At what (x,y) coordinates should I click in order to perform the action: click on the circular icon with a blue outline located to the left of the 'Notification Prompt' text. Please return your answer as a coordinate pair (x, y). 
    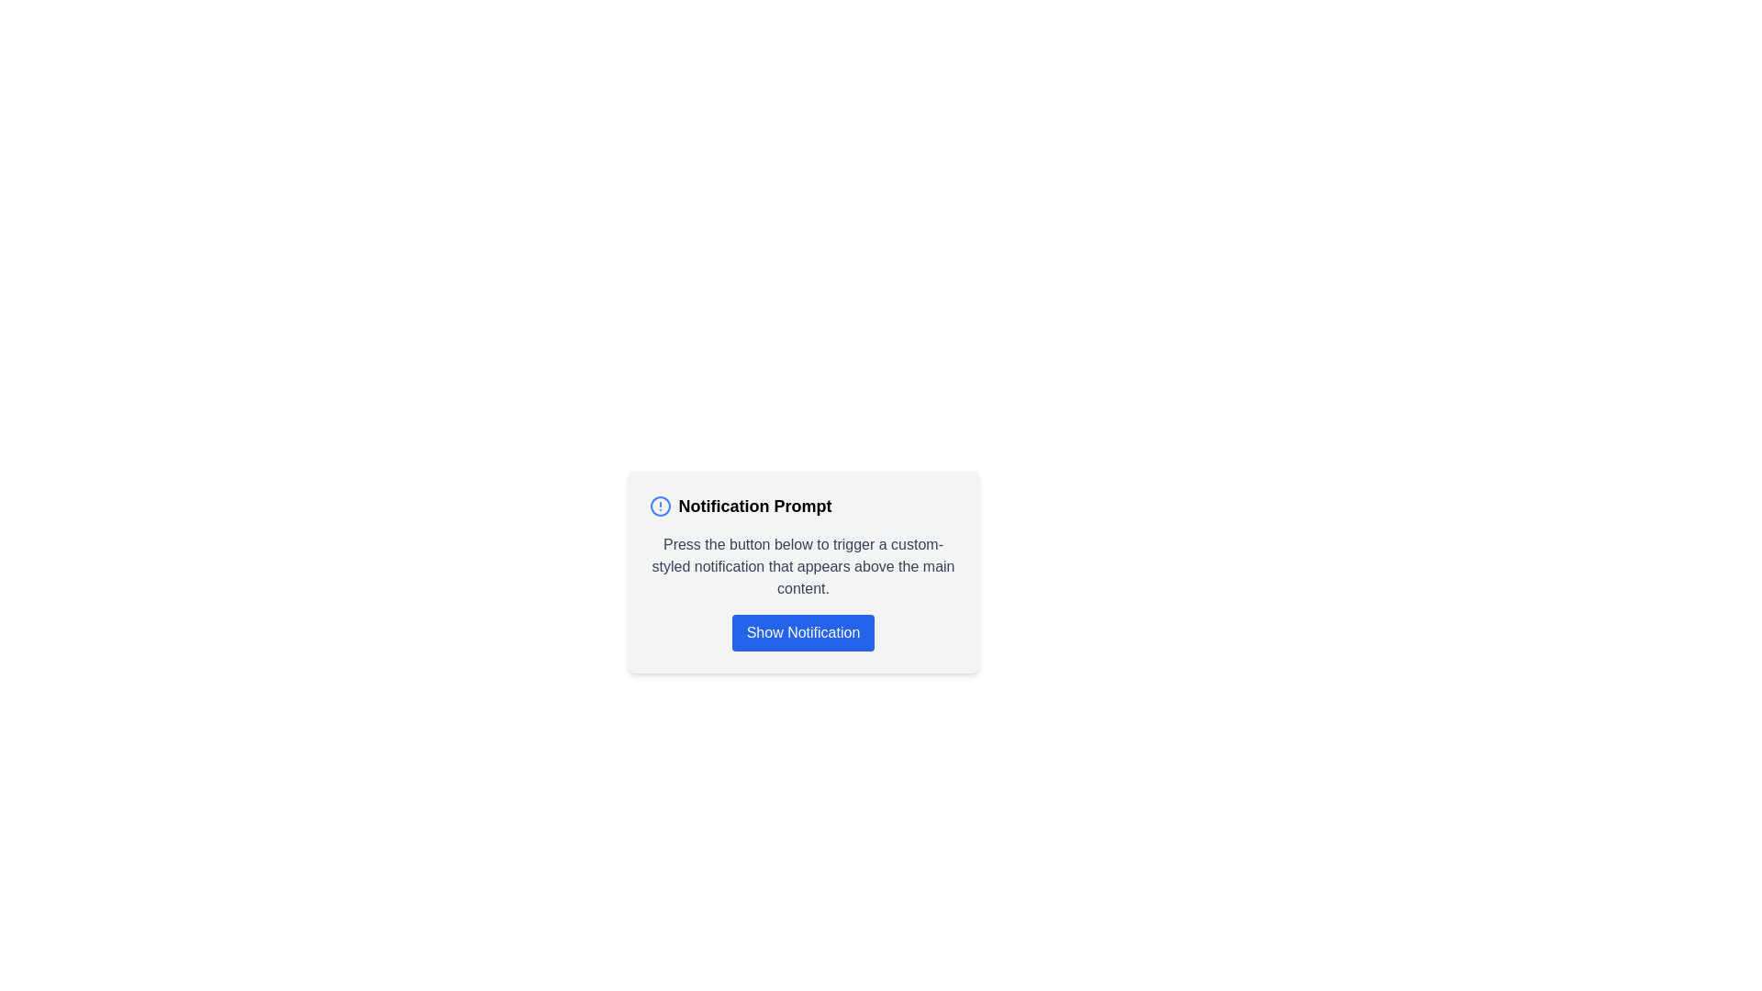
    Looking at the image, I should click on (660, 506).